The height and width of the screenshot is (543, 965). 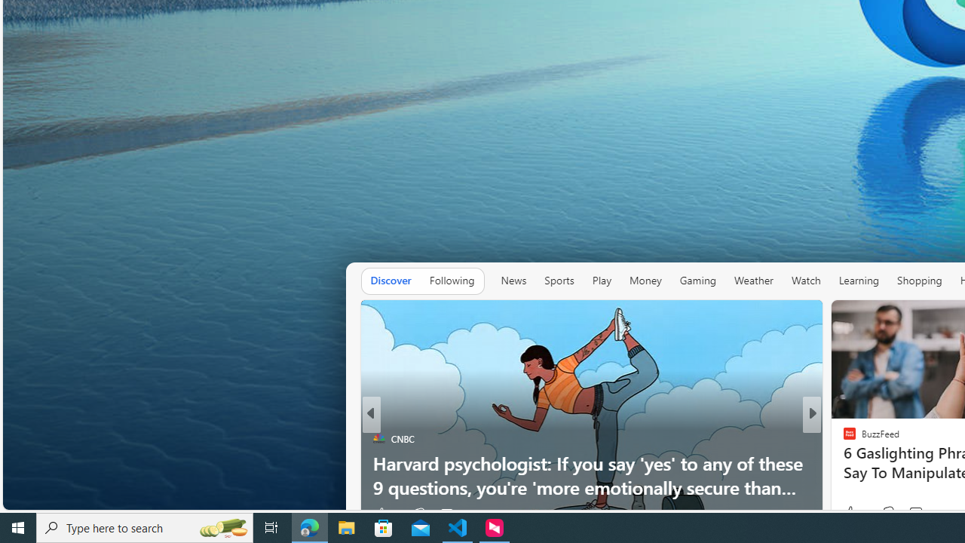 I want to click on 'Dislike', so click(x=888, y=512).